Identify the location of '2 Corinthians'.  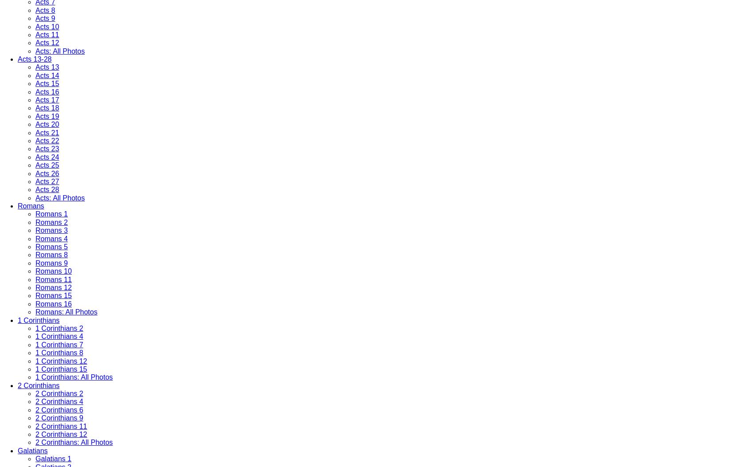
(38, 385).